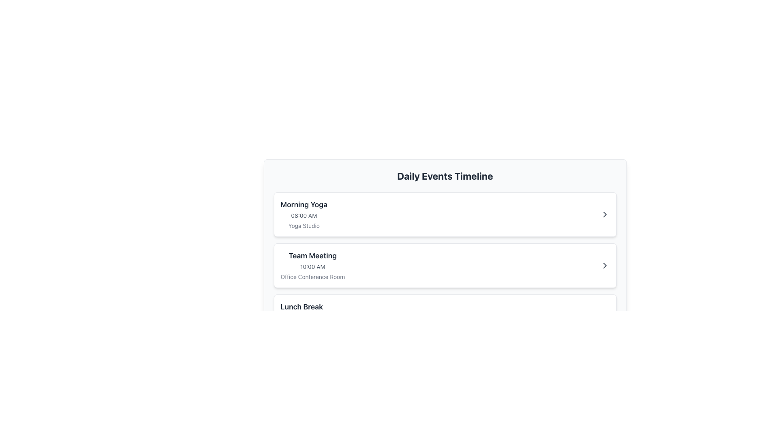 This screenshot has height=438, width=778. Describe the element at coordinates (605, 266) in the screenshot. I see `the Icon button to observe its color change, which is part of the 'Team Meeting' event on the daily events timeline` at that location.